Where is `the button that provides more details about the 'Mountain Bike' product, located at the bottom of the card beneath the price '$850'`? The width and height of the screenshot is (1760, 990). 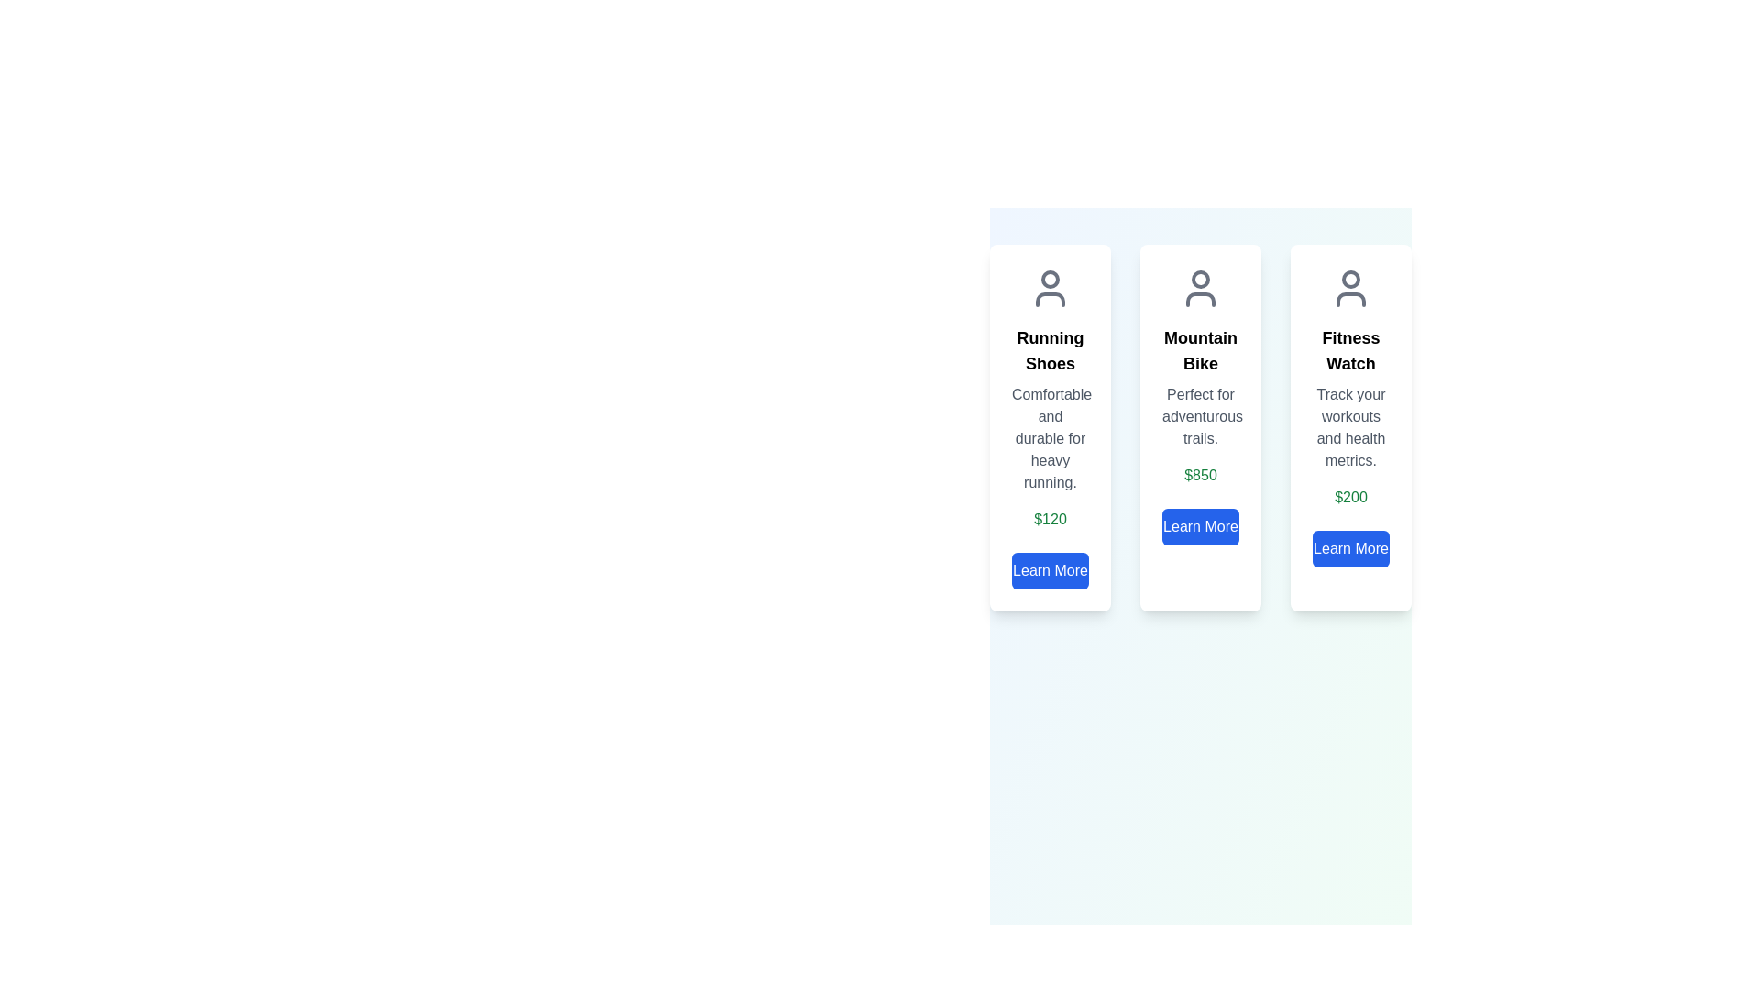
the button that provides more details about the 'Mountain Bike' product, located at the bottom of the card beneath the price '$850' is located at coordinates (1201, 526).